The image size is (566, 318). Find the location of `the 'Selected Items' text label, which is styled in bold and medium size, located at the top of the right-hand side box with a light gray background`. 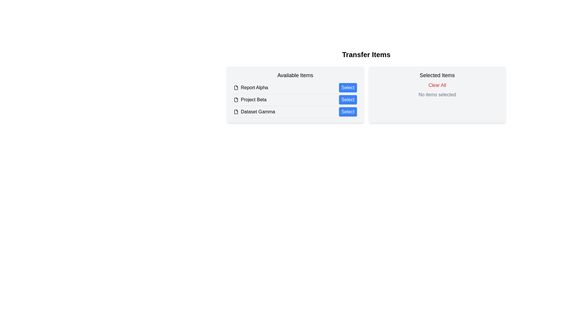

the 'Selected Items' text label, which is styled in bold and medium size, located at the top of the right-hand side box with a light gray background is located at coordinates (437, 75).